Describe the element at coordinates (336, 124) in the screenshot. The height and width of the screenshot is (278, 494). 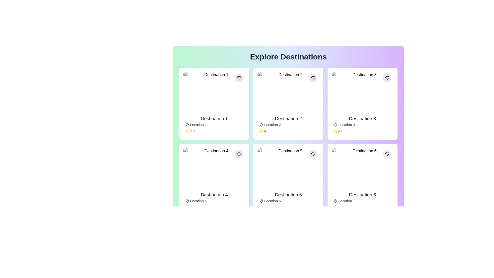
I see `the location icon in the third card under the 'Explore Destinations' section, near 'Location 3' and the heart icon` at that location.